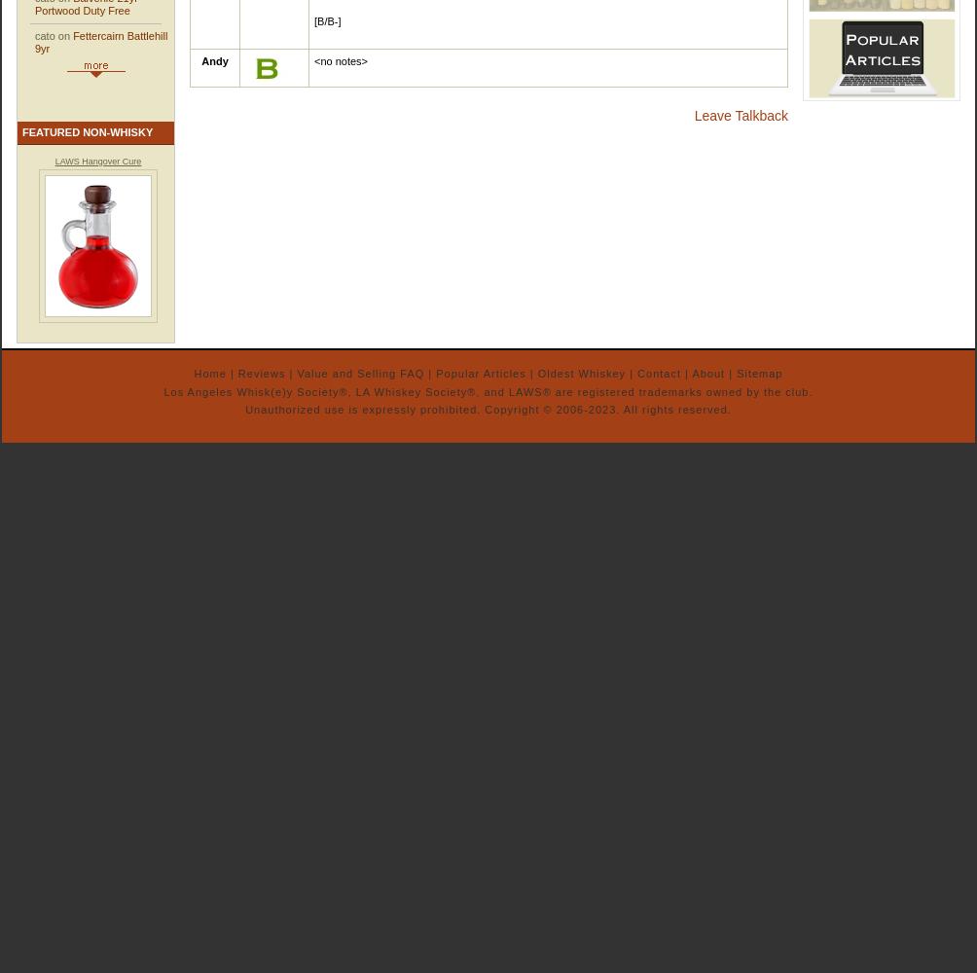 The height and width of the screenshot is (973, 977). I want to click on '<no notes>', so click(343, 60).